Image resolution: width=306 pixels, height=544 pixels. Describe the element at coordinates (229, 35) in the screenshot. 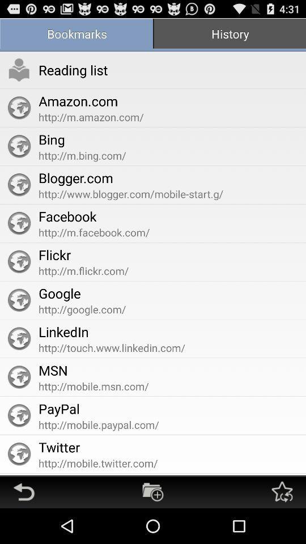

I see `history icon` at that location.